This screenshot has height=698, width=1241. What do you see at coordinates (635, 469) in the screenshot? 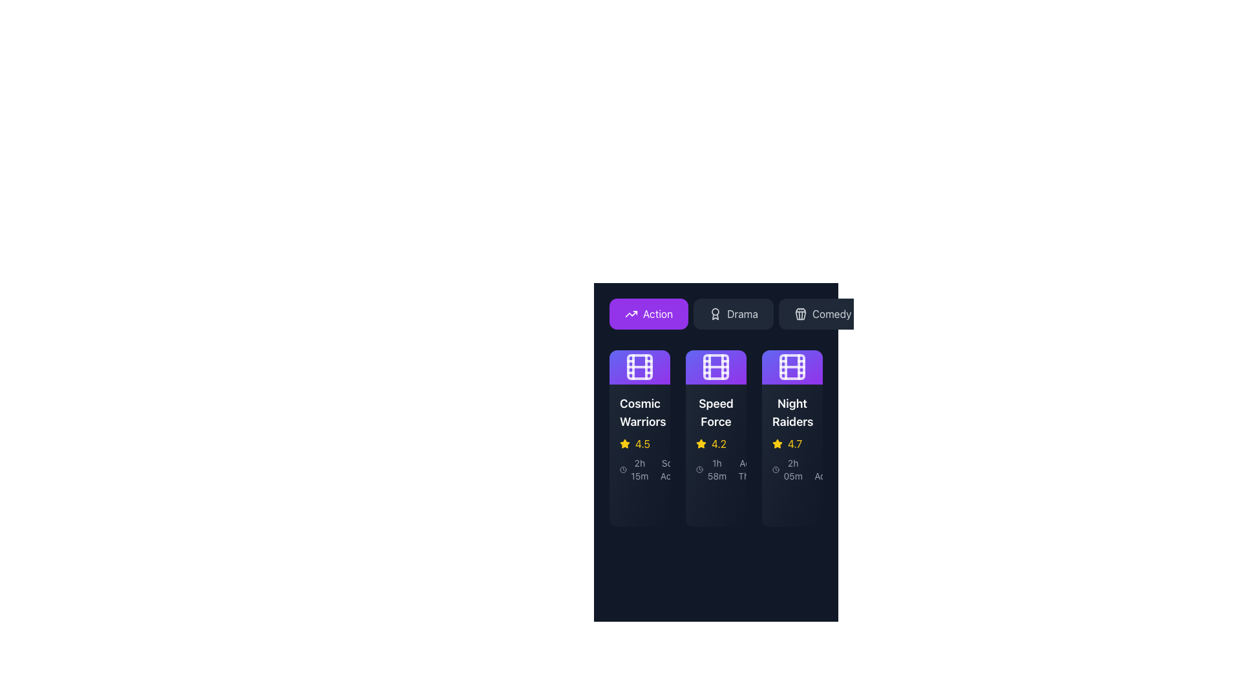
I see `the content of the text label with an icon that displays the duration of the movie 'Cosmic Warriors', located in the details panel under the movie title and before the genre text` at bounding box center [635, 469].